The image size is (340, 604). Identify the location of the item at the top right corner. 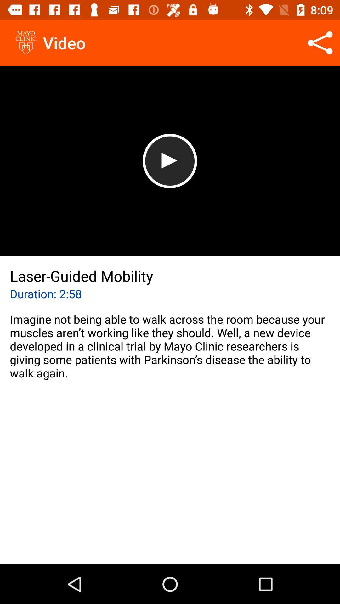
(320, 42).